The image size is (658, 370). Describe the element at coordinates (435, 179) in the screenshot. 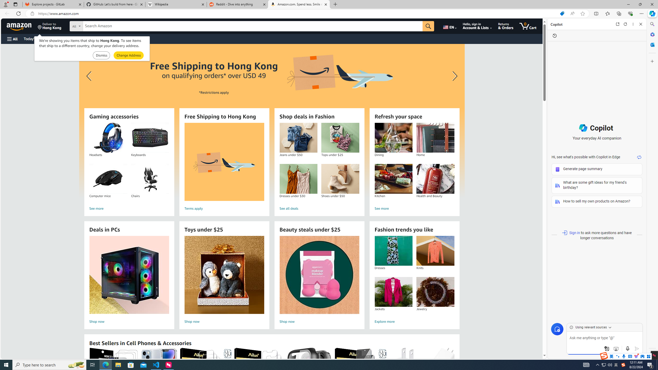

I see `'Health and Beauty'` at that location.